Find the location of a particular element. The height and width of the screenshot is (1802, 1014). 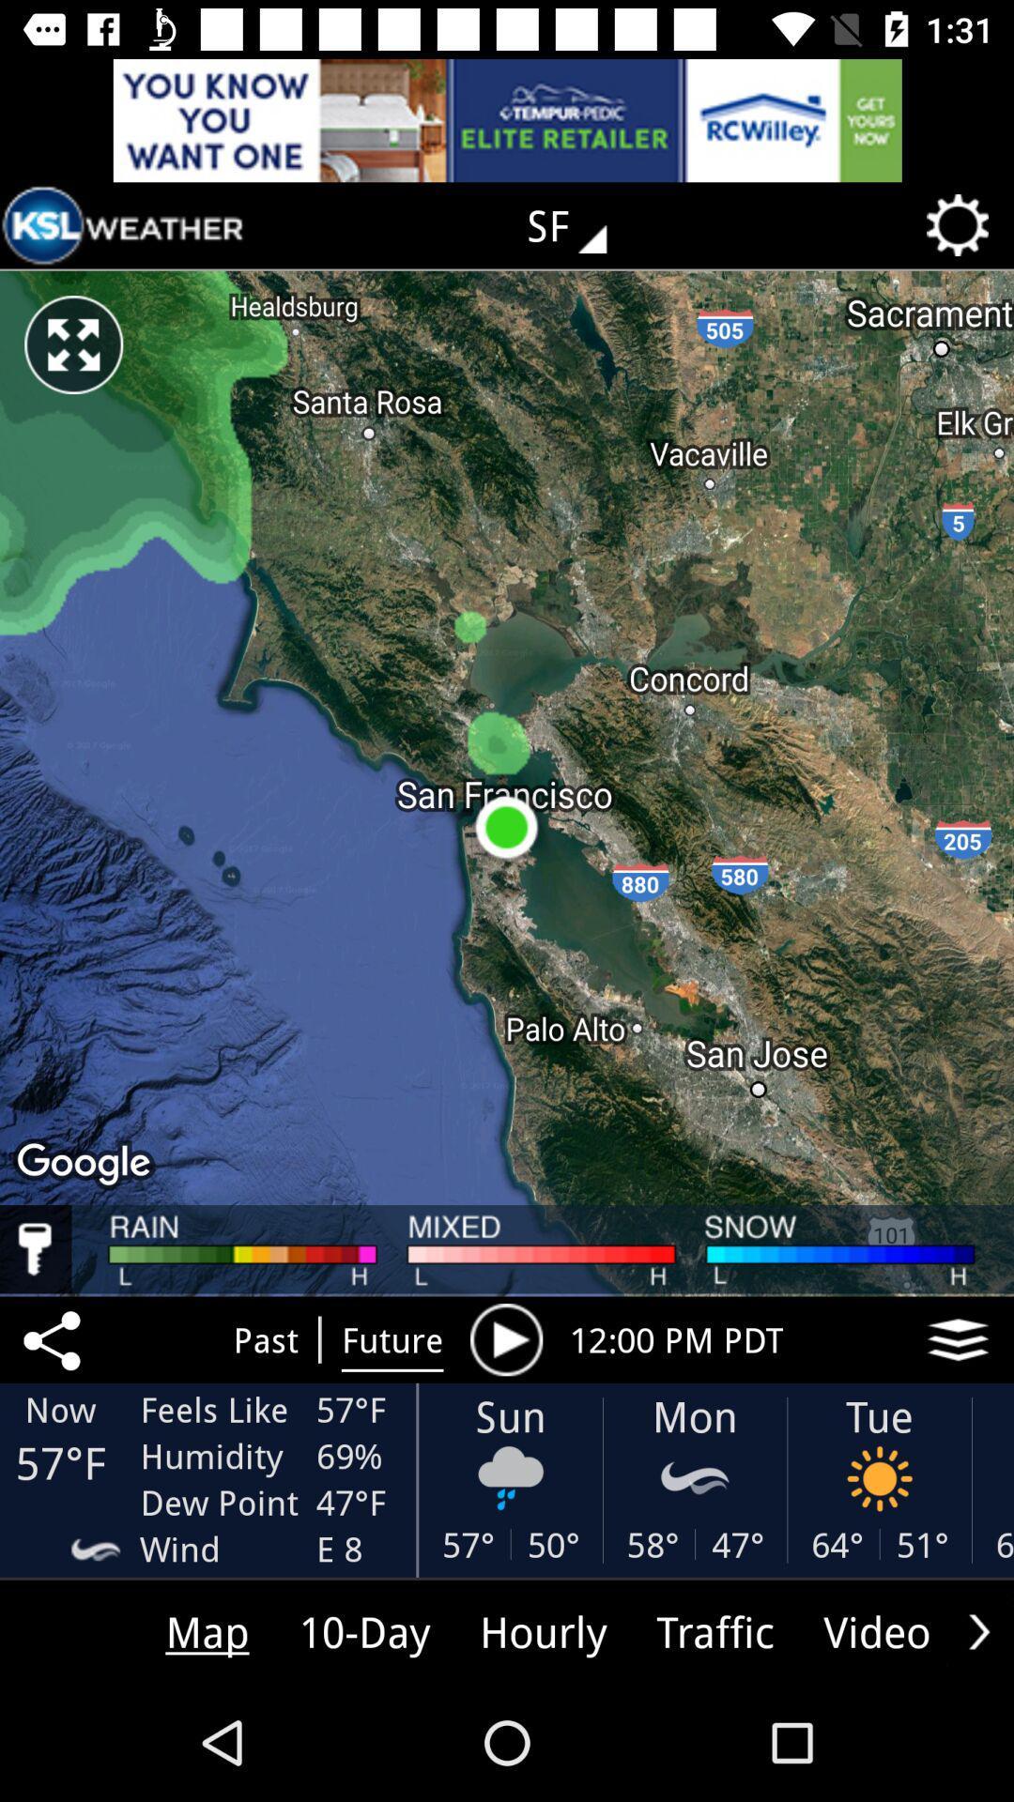

the share icon is located at coordinates (54, 1338).